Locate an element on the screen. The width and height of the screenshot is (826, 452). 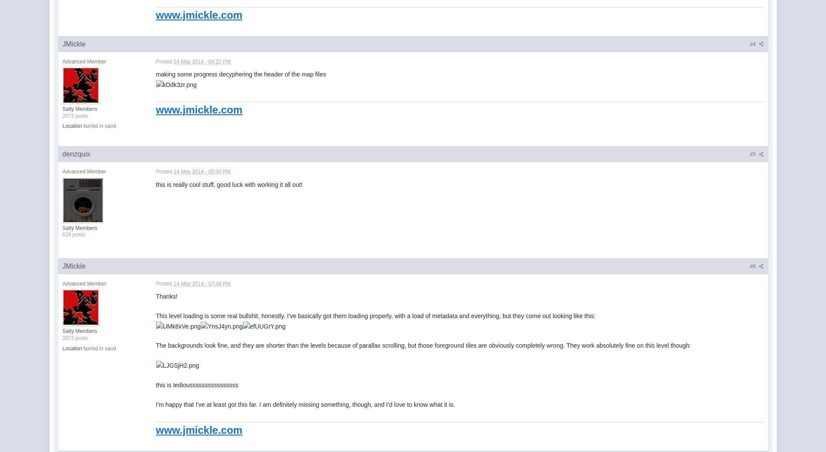
'This level loading is some real bullshit, honestly. I've basically got them loading properly, with a load of metadata and everything, but they come out looking like this:' is located at coordinates (155, 316).